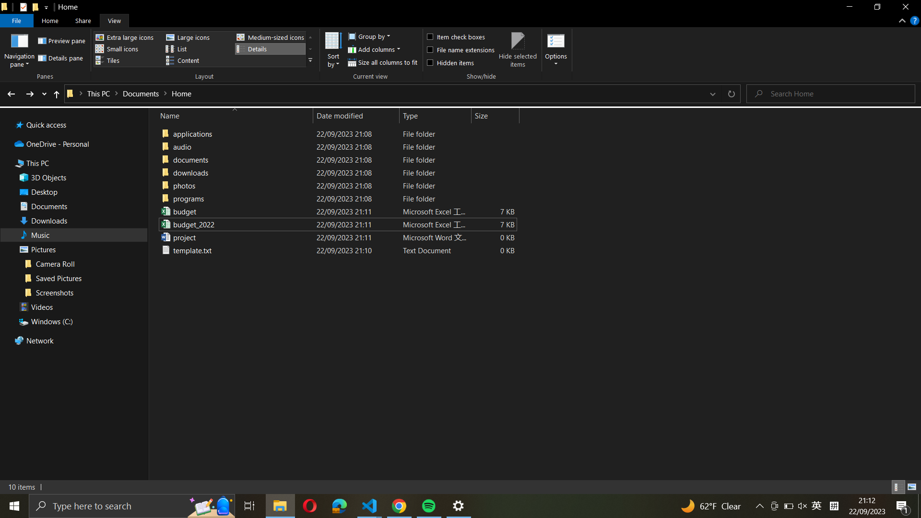 Image resolution: width=921 pixels, height=518 pixels. What do you see at coordinates (196, 37) in the screenshot?
I see `Enlarge to big icons` at bounding box center [196, 37].